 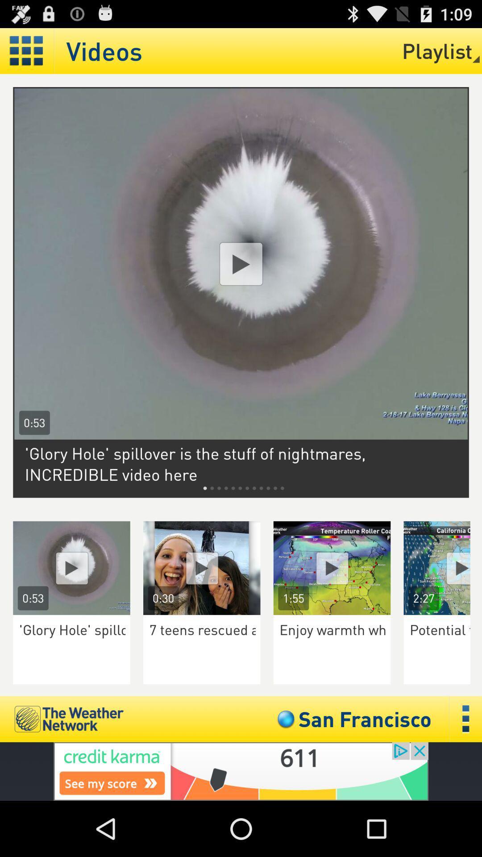 I want to click on options, so click(x=465, y=719).